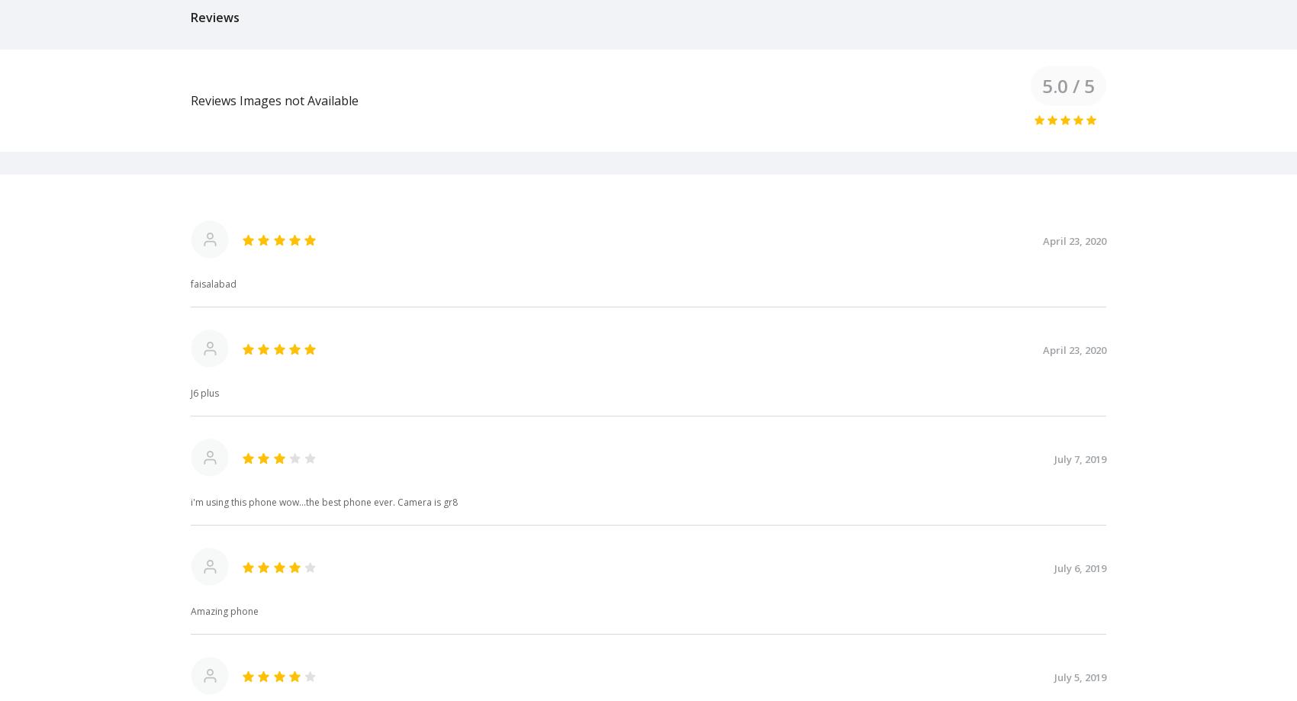 This screenshot has height=701, width=1297. What do you see at coordinates (274, 98) in the screenshot?
I see `'Reviews Images not Available'` at bounding box center [274, 98].